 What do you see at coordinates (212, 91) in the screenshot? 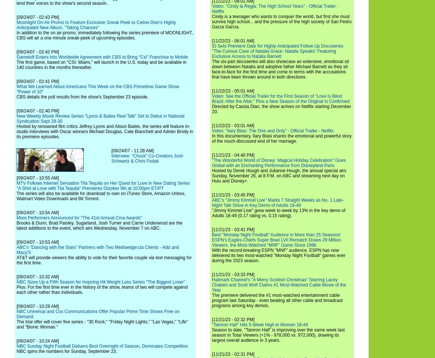
I see `'[11/22/23 - 05:01 AM]'` at bounding box center [212, 91].